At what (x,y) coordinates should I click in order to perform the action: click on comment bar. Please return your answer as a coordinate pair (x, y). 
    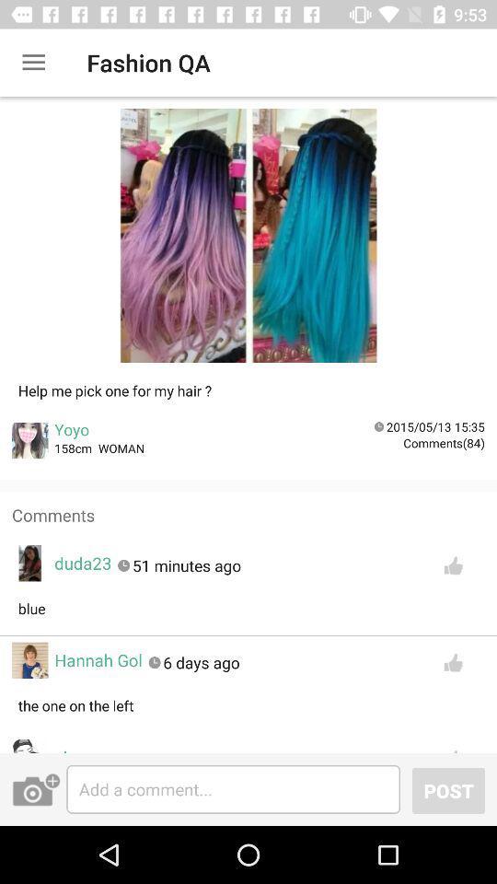
    Looking at the image, I should click on (233, 788).